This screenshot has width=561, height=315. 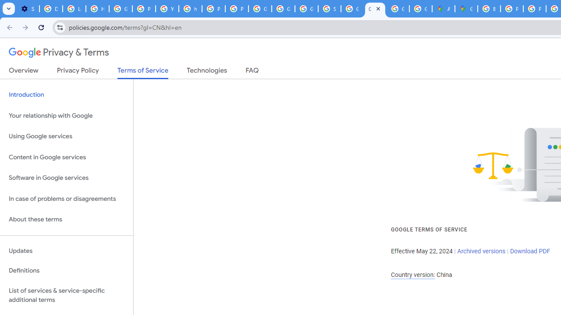 I want to click on 'In case of problems or disagreements', so click(x=66, y=199).